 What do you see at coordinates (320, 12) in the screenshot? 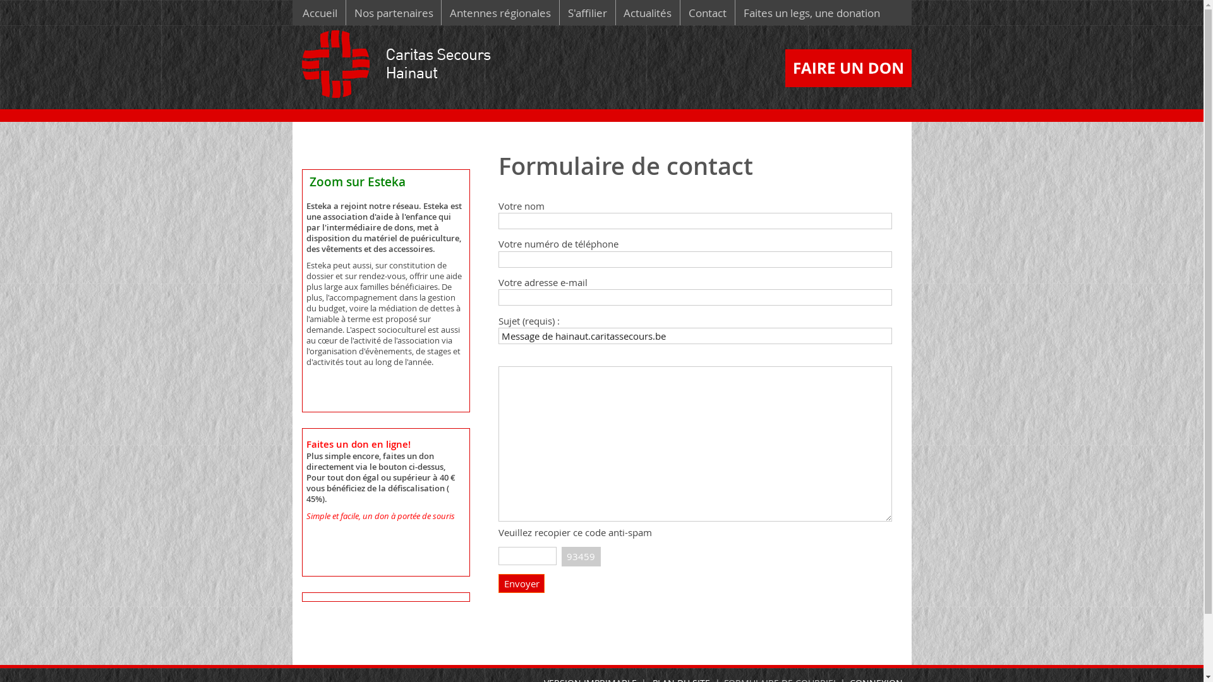
I see `'Accueil'` at bounding box center [320, 12].